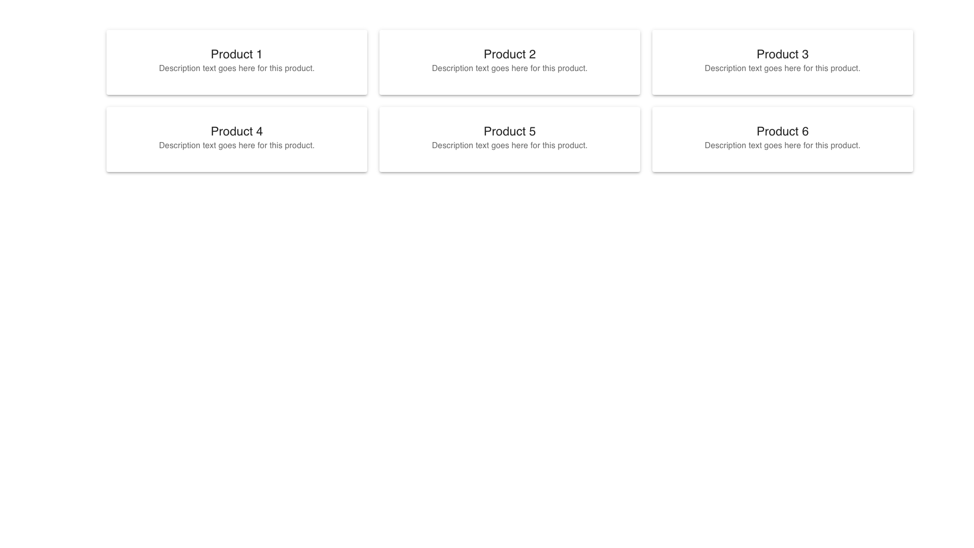  I want to click on text label located below the title 'Product 2' in the second card of a 3x2 grid, which is styled in medium gray and smaller font size, so click(509, 68).